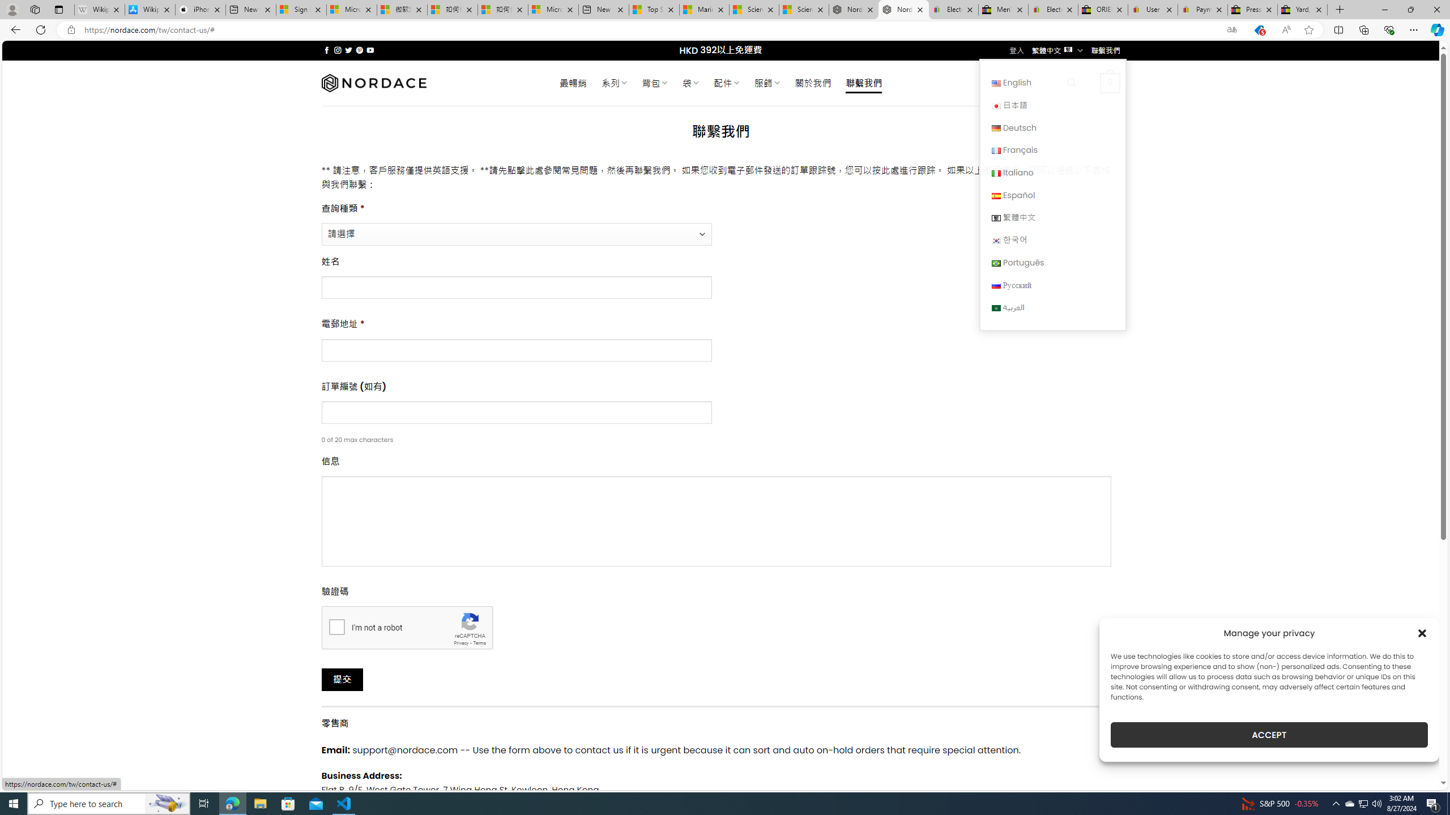 The height and width of the screenshot is (815, 1450). What do you see at coordinates (995, 83) in the screenshot?
I see `'English'` at bounding box center [995, 83].